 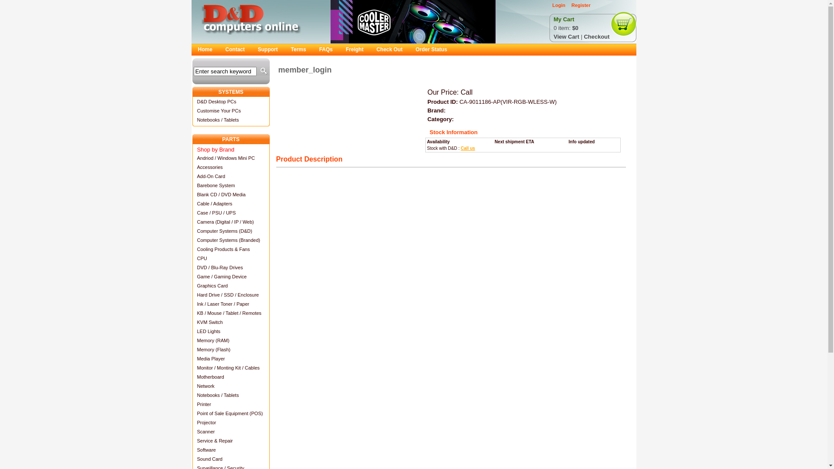 What do you see at coordinates (231, 413) in the screenshot?
I see `'Point of Sale Equipment (POS)'` at bounding box center [231, 413].